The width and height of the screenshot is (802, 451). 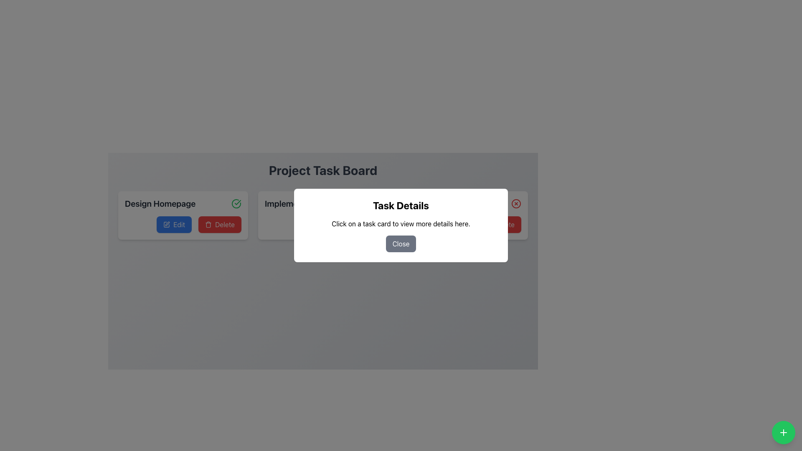 What do you see at coordinates (401, 205) in the screenshot?
I see `header text 'Task Details' that is prominently styled in a bold and large font size, located at the top of the modal` at bounding box center [401, 205].